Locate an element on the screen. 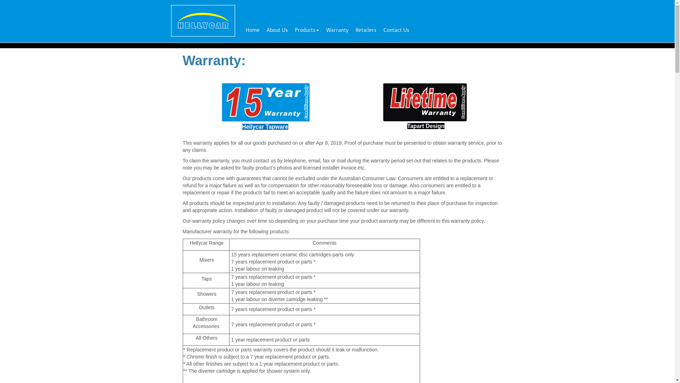 The image size is (680, 383). 'About Us' is located at coordinates (277, 29).